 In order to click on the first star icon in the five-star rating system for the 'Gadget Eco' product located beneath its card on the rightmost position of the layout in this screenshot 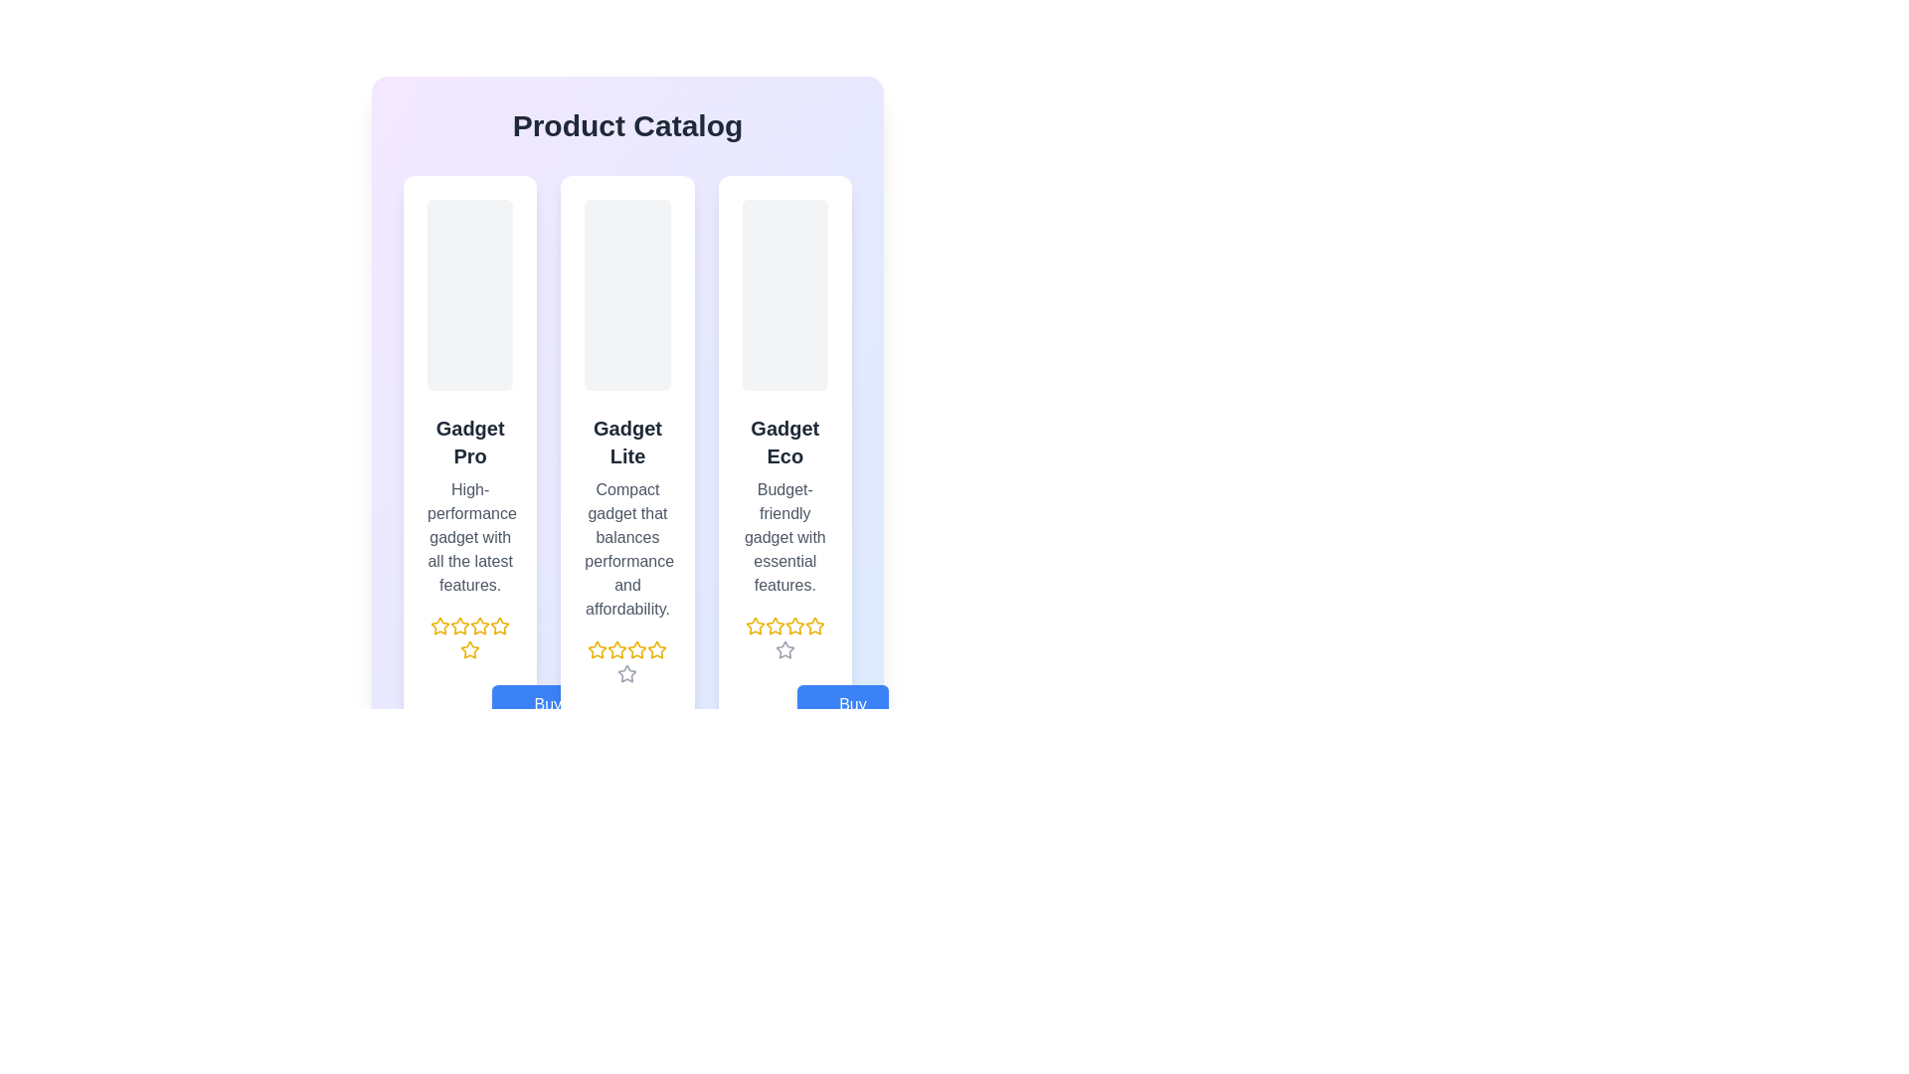, I will do `click(754, 625)`.